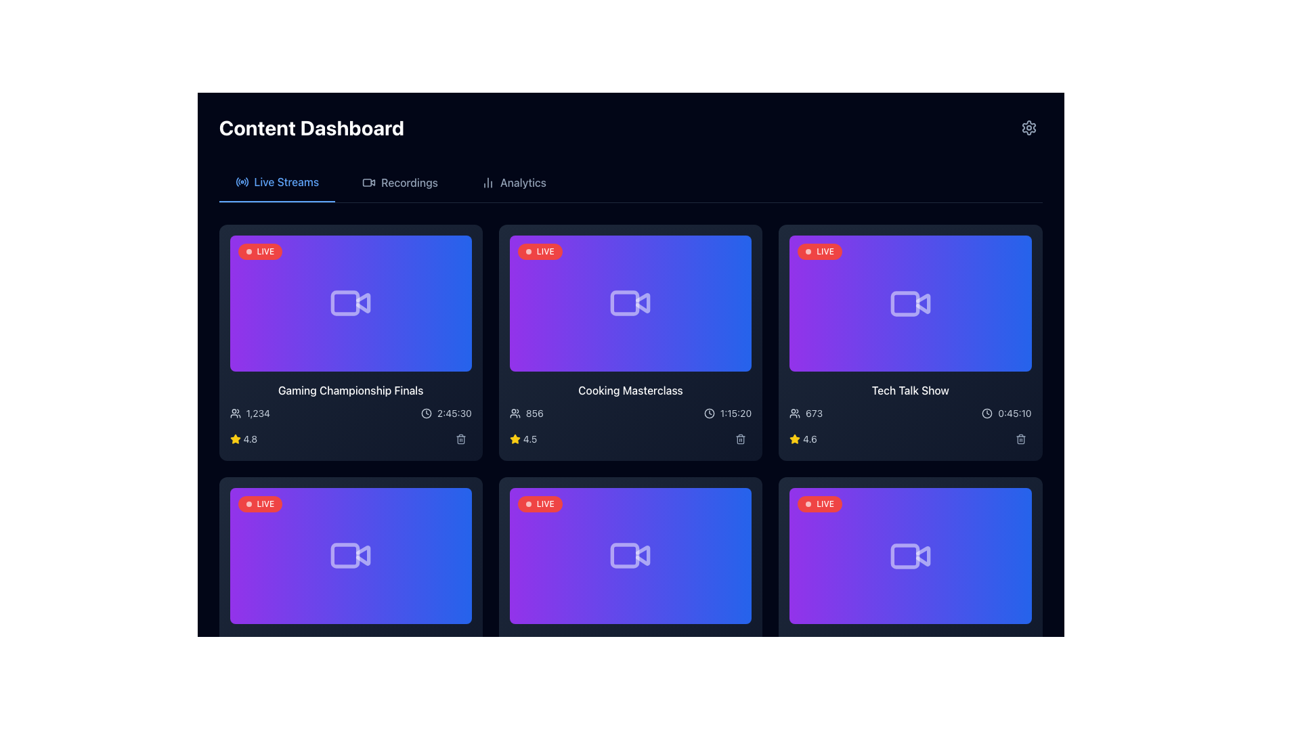  I want to click on the Information display section of the 'Tech Talk Show' card, which contains user count and time information, positioned in the third column of the top row, so click(910, 412).